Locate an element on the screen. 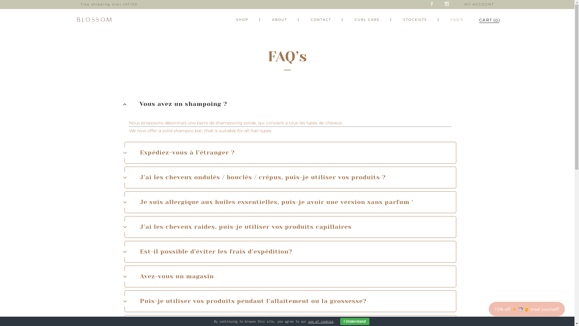  'SHOP' is located at coordinates (242, 19).